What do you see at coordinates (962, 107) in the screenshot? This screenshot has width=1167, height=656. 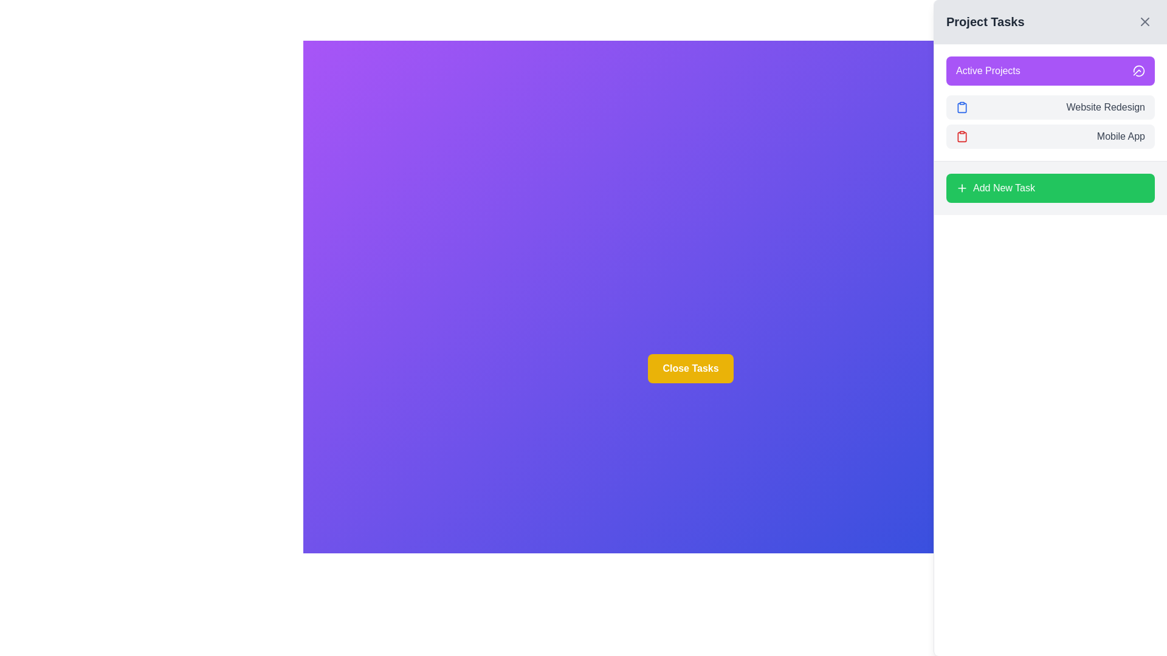 I see `the 'Website Redesign' task icon located in the sidebar under 'Project Tasks'` at bounding box center [962, 107].